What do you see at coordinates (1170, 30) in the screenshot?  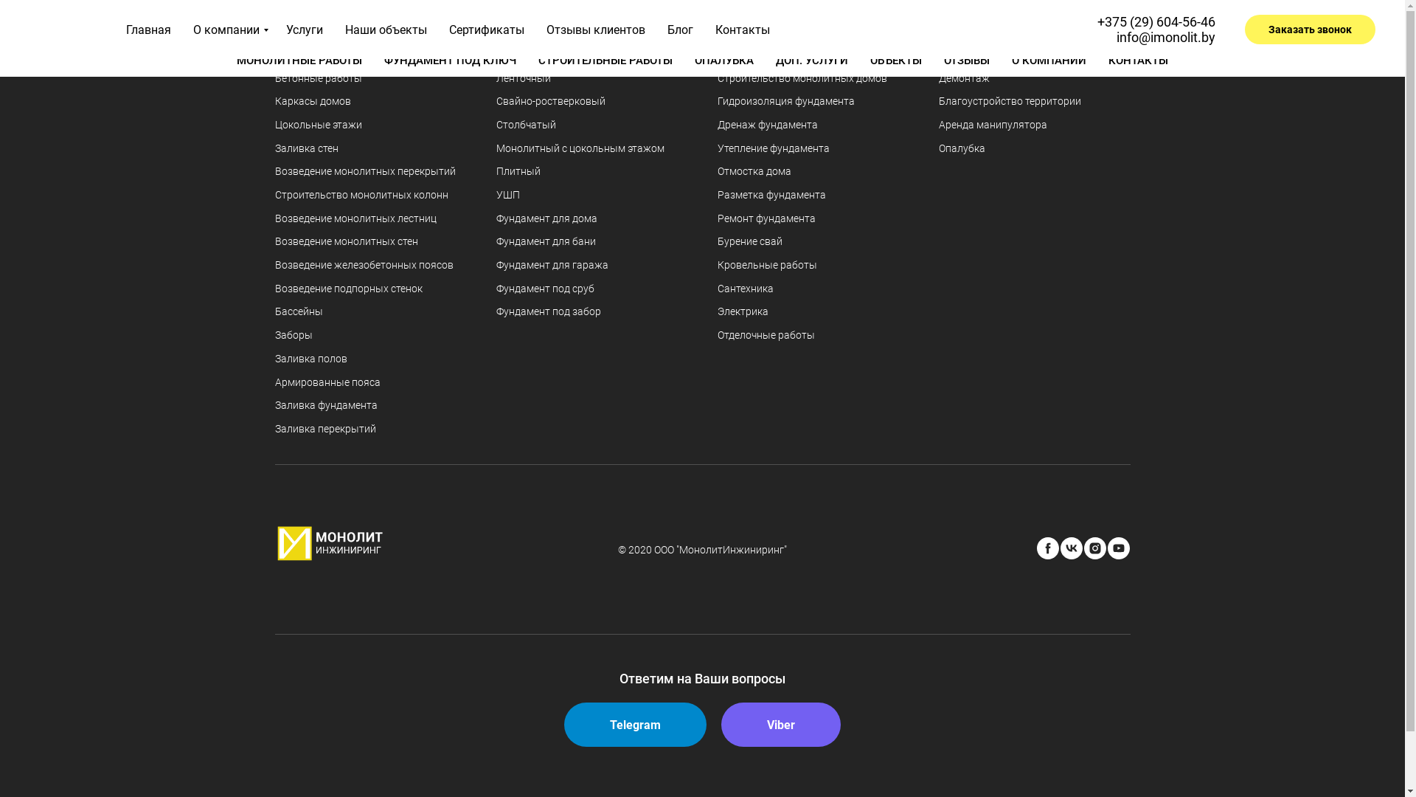 I see `'info@imonolit.by'` at bounding box center [1170, 30].